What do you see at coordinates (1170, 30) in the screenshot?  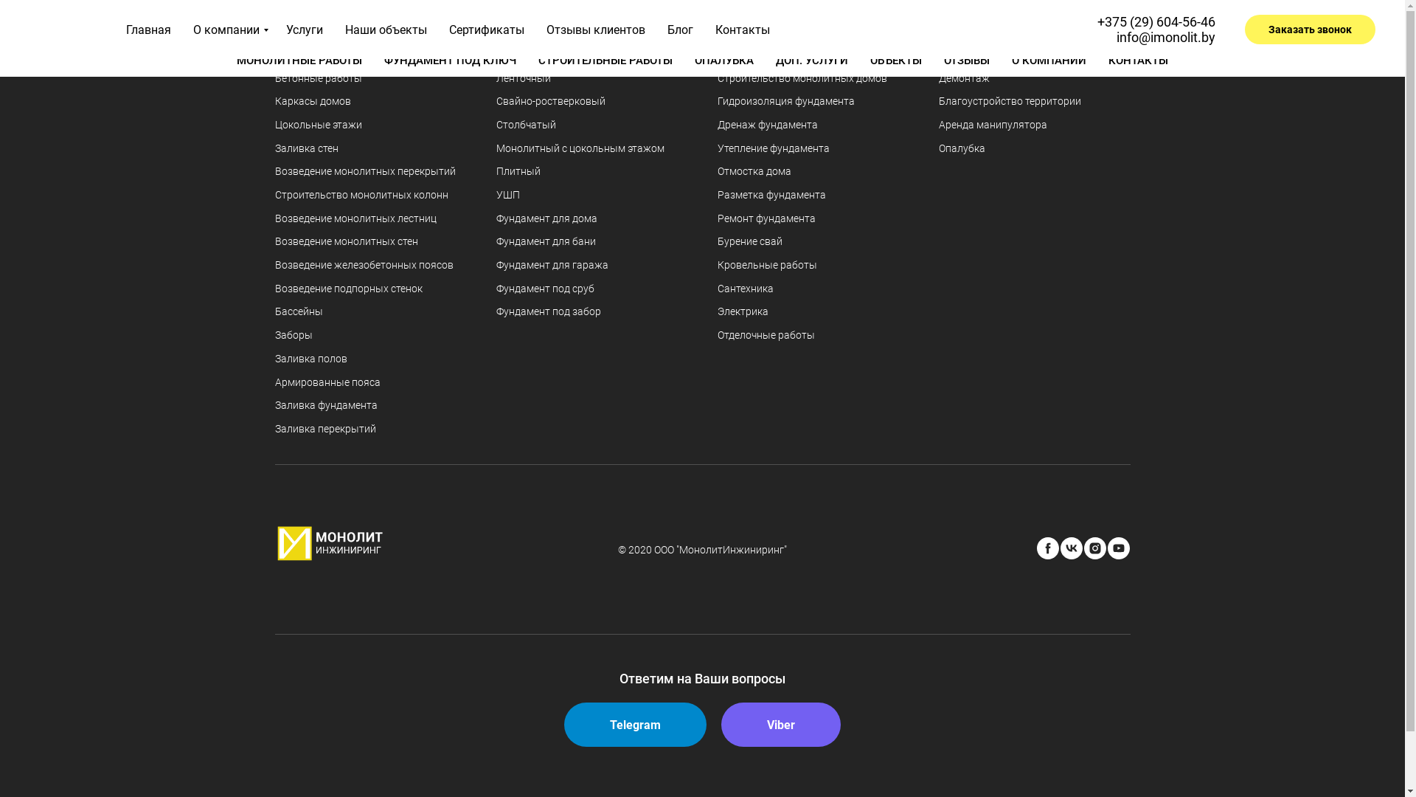 I see `'info@imonolit.by'` at bounding box center [1170, 30].